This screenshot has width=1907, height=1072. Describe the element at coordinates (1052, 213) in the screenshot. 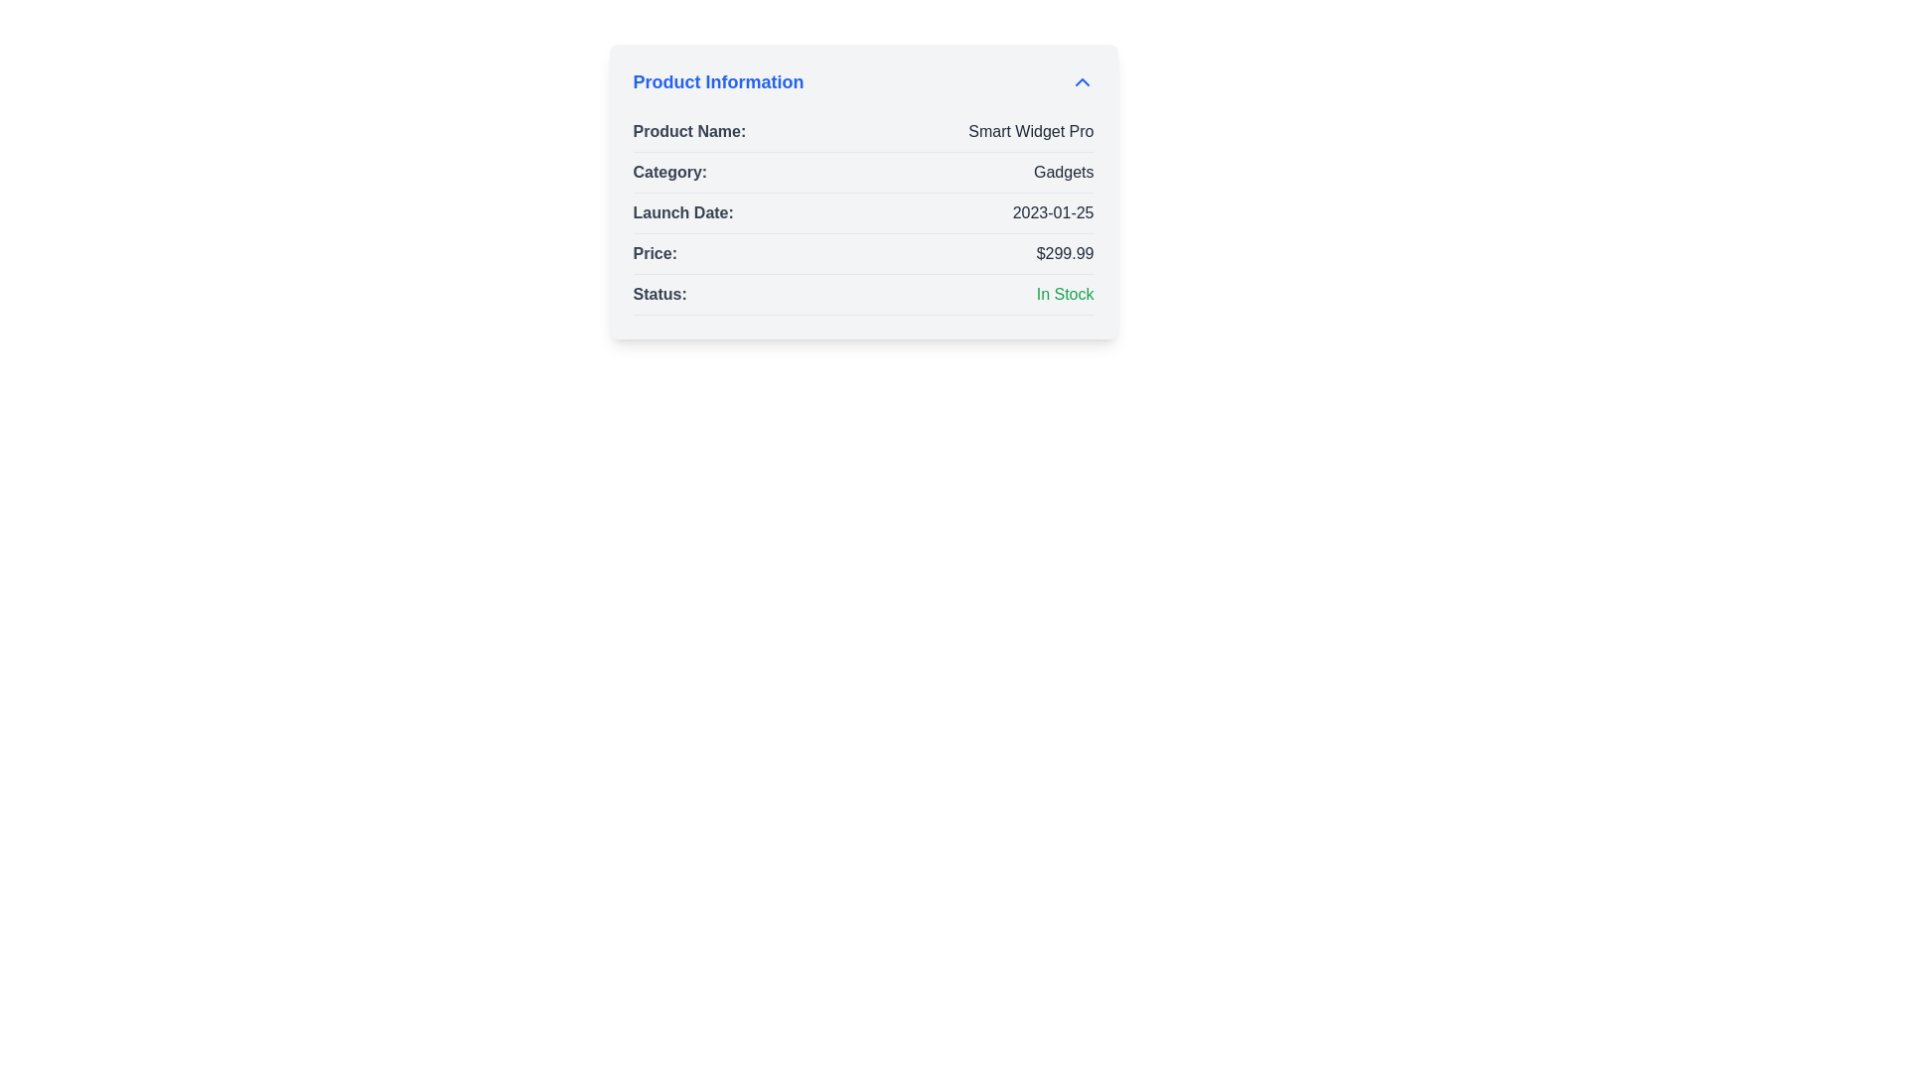

I see `the text display showing the date '2023-01-25' which is aligned to the right under the label 'Launch Date:' in a light gray background` at that location.